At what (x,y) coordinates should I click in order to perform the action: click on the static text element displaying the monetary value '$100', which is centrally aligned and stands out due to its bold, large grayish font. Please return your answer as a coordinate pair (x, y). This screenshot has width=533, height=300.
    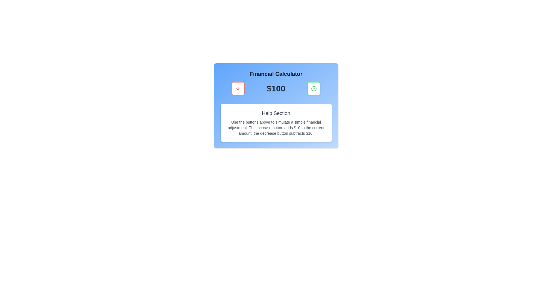
    Looking at the image, I should click on (276, 88).